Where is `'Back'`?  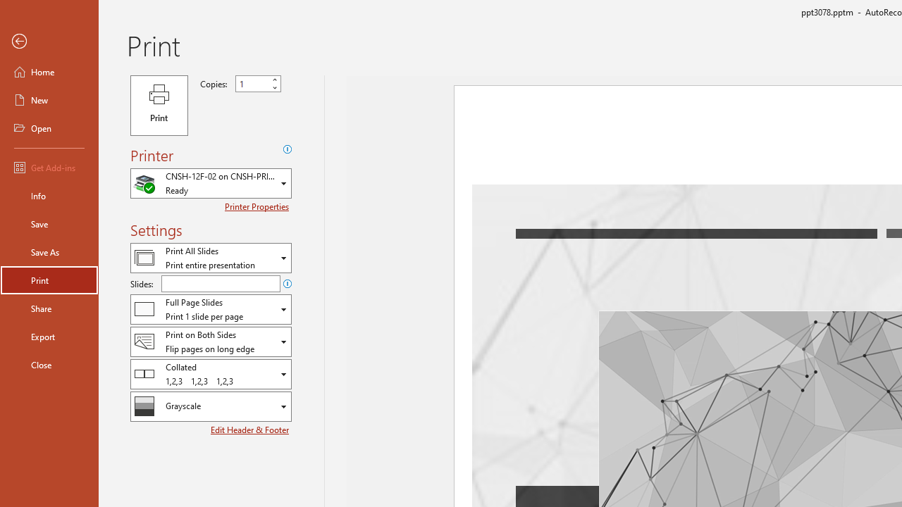
'Back' is located at coordinates (49, 41).